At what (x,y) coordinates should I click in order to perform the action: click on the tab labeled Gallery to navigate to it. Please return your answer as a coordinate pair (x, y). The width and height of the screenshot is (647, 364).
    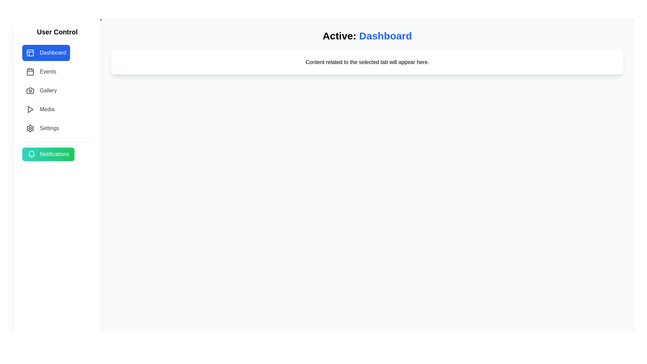
    Looking at the image, I should click on (41, 90).